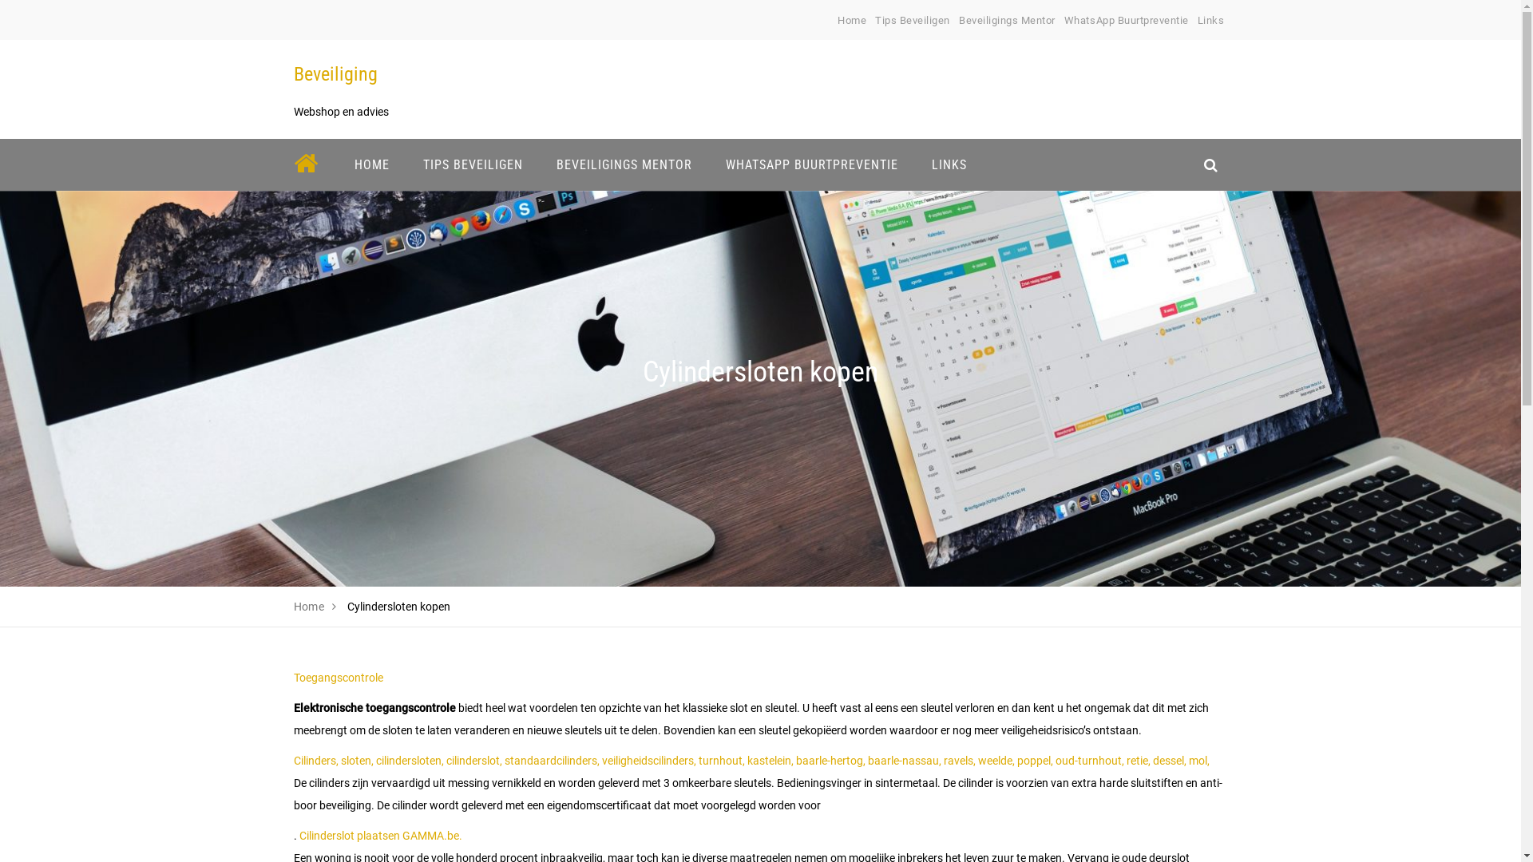 Image resolution: width=1533 pixels, height=862 pixels. I want to click on 'Beveiliging', so click(335, 73).